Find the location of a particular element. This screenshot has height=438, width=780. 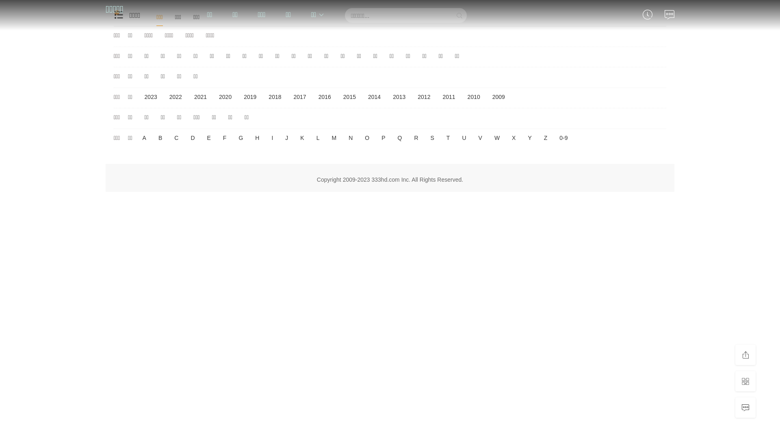

'B' is located at coordinates (160, 137).